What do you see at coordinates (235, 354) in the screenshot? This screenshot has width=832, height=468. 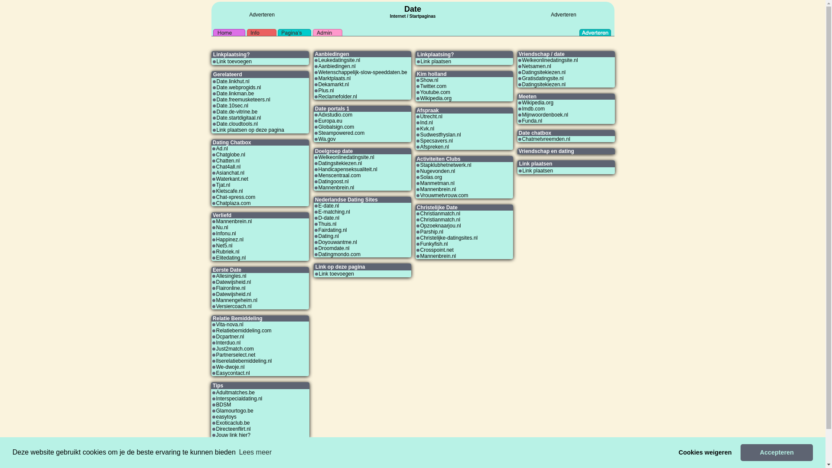 I see `'Partnerselect.net'` at bounding box center [235, 354].